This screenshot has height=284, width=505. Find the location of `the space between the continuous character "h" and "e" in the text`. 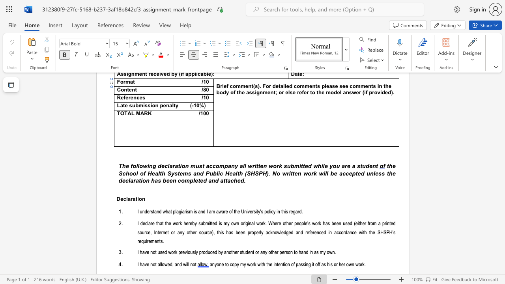

the space between the continuous character "h" and "e" in the text is located at coordinates (372, 232).